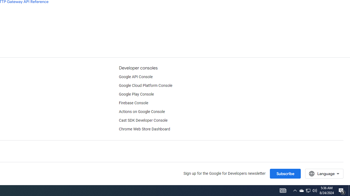  I want to click on 'Google Cloud Platform Console', so click(145, 86).